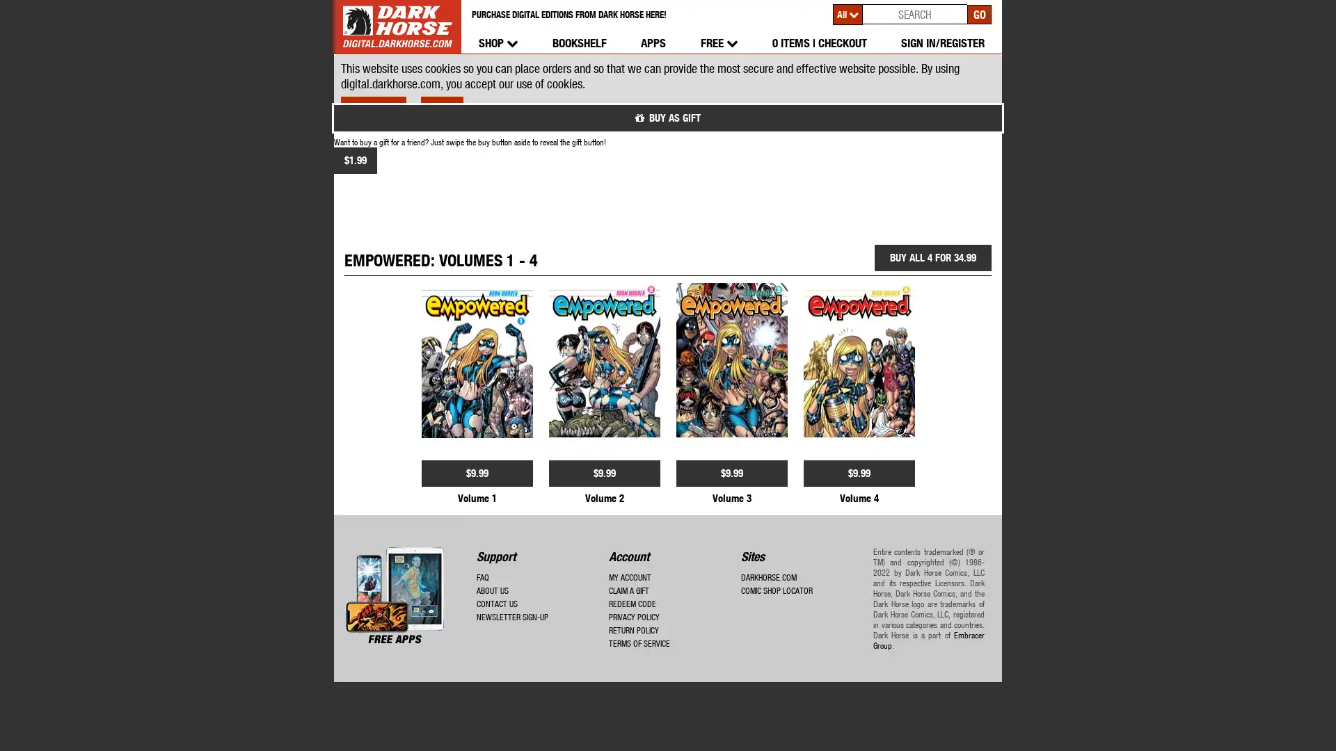  I want to click on GO, so click(978, 13).